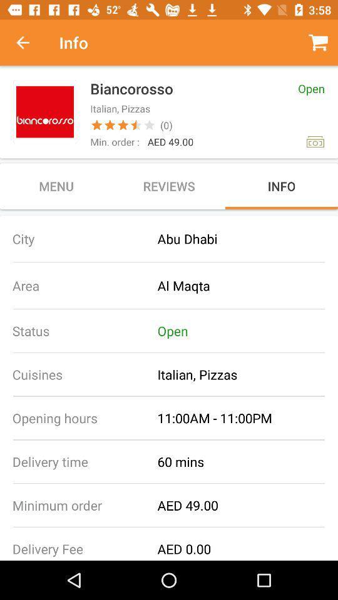 The height and width of the screenshot is (600, 338). Describe the element at coordinates (29, 42) in the screenshot. I see `previous` at that location.